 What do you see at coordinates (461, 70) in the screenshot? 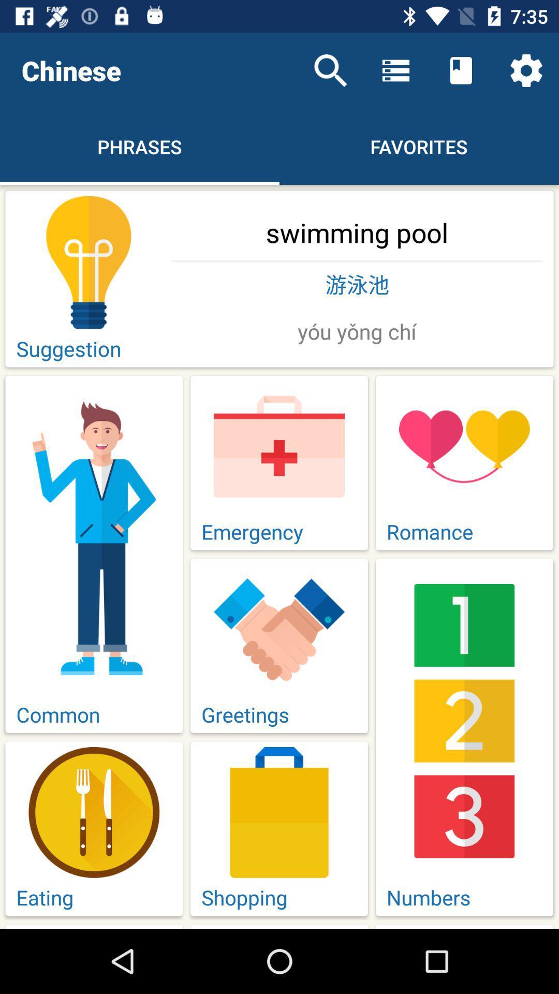
I see `the icon above the favorites item` at bounding box center [461, 70].